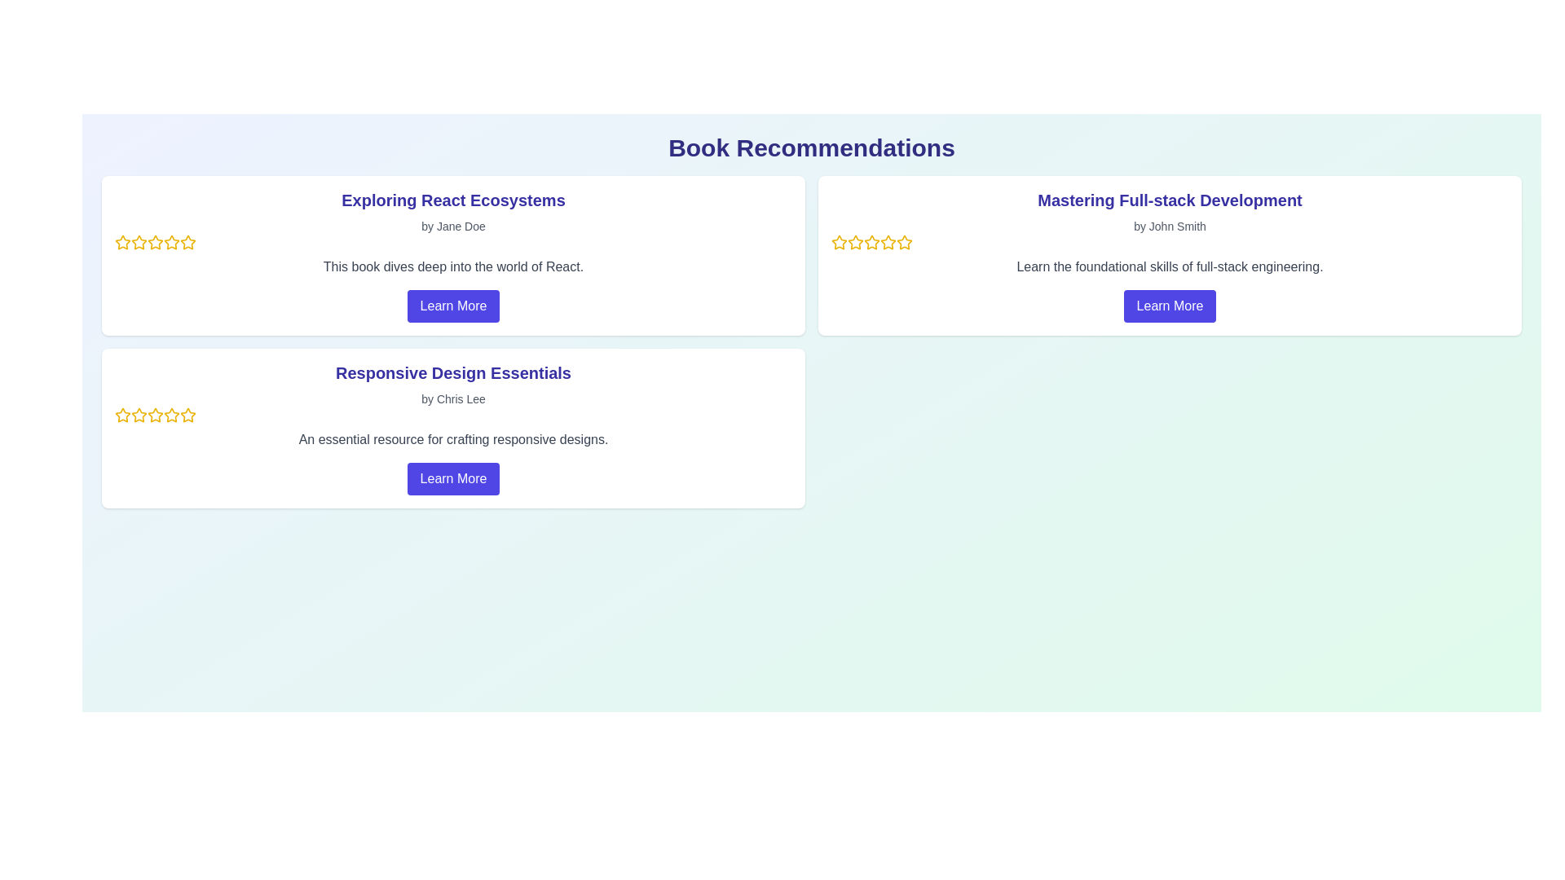 Image resolution: width=1565 pixels, height=880 pixels. I want to click on on the heading text 'Responsive Design Essentials' which is styled in a large, bold, indigo font located at the top of the second card in a set of three horizontally aligned cards, so click(453, 373).